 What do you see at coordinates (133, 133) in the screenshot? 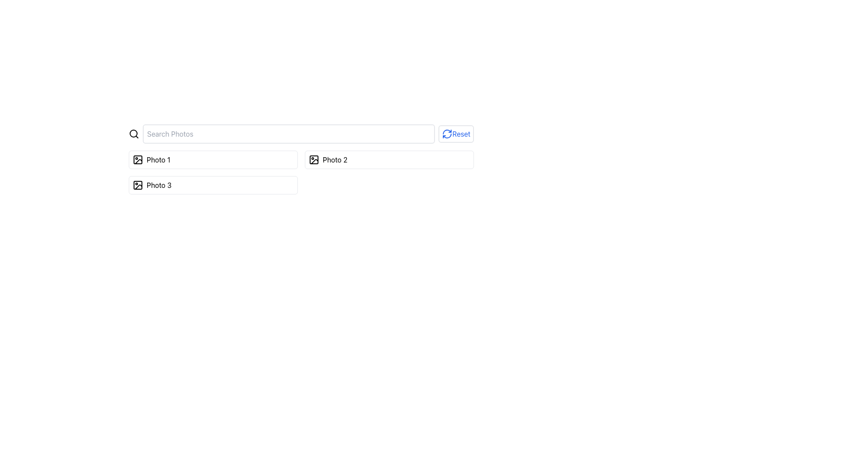
I see `the circular part of the magnifying glass icon that symbolizes the search functionality, located to the left of the 'Search Photos' input box` at bounding box center [133, 133].